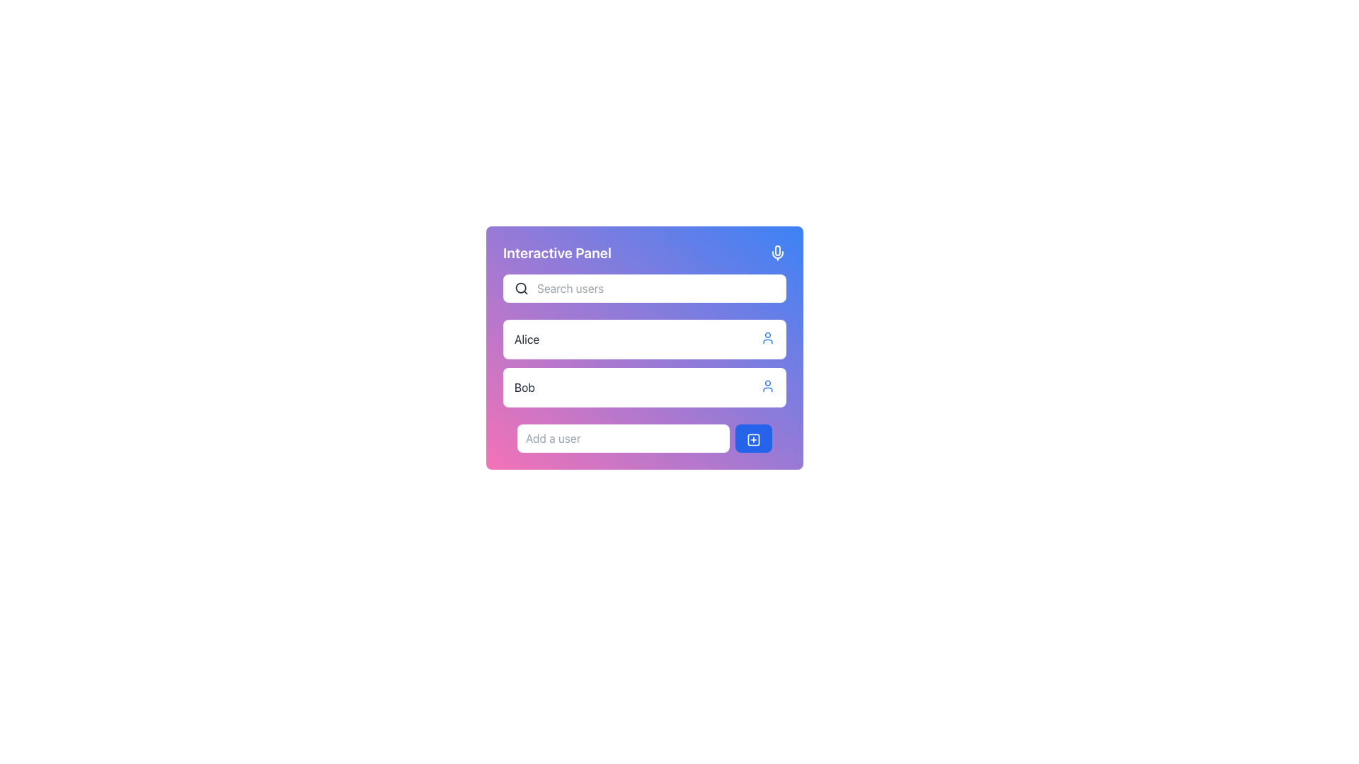  What do you see at coordinates (753, 438) in the screenshot?
I see `the button that allows users to add a user or submit text, enabling keyboard interaction` at bounding box center [753, 438].